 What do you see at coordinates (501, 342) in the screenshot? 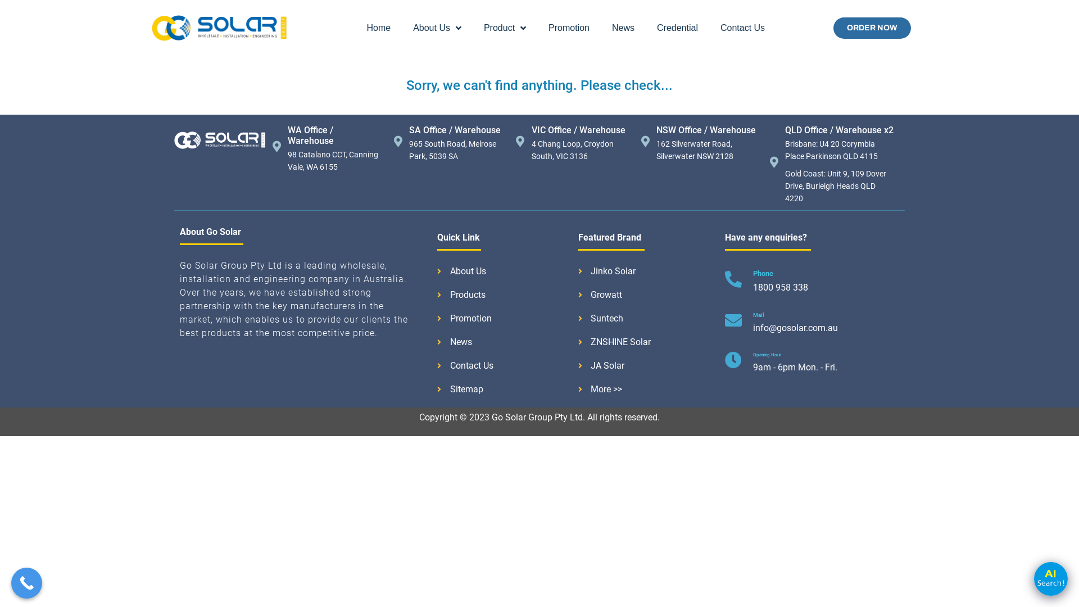
I see `'News'` at bounding box center [501, 342].